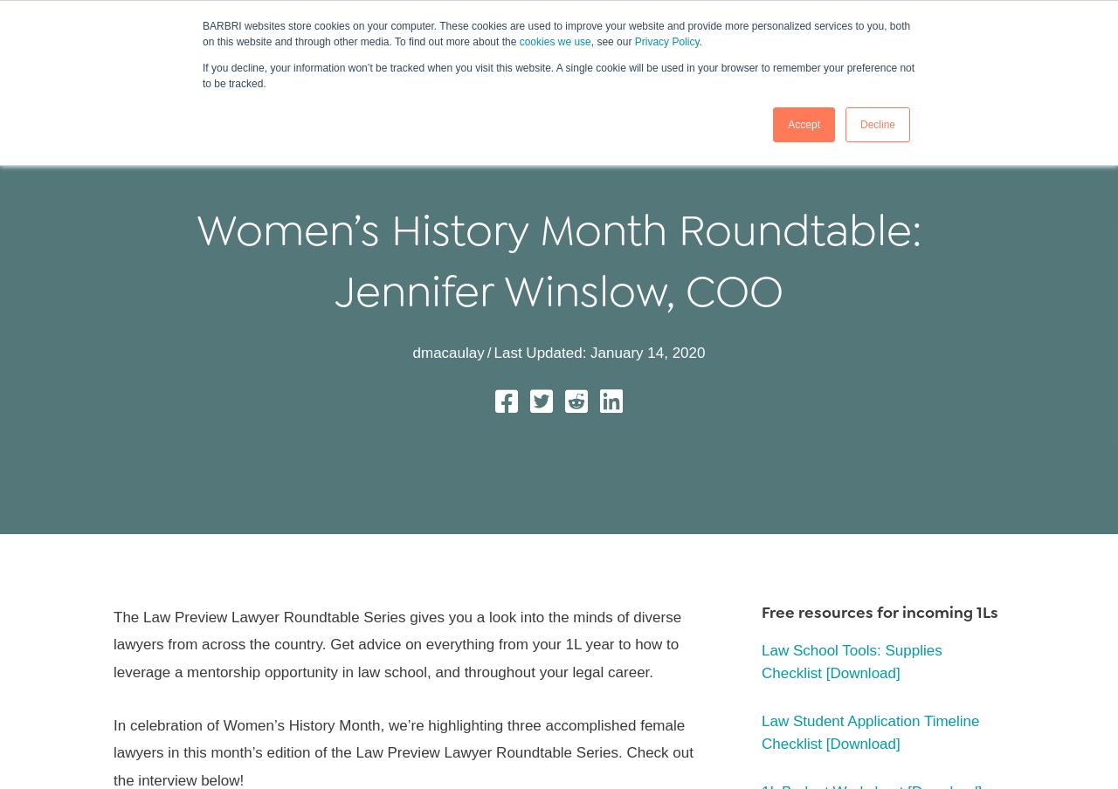 The image size is (1118, 789). Describe the element at coordinates (880, 610) in the screenshot. I see `'Free resources for incoming 1Ls'` at that location.